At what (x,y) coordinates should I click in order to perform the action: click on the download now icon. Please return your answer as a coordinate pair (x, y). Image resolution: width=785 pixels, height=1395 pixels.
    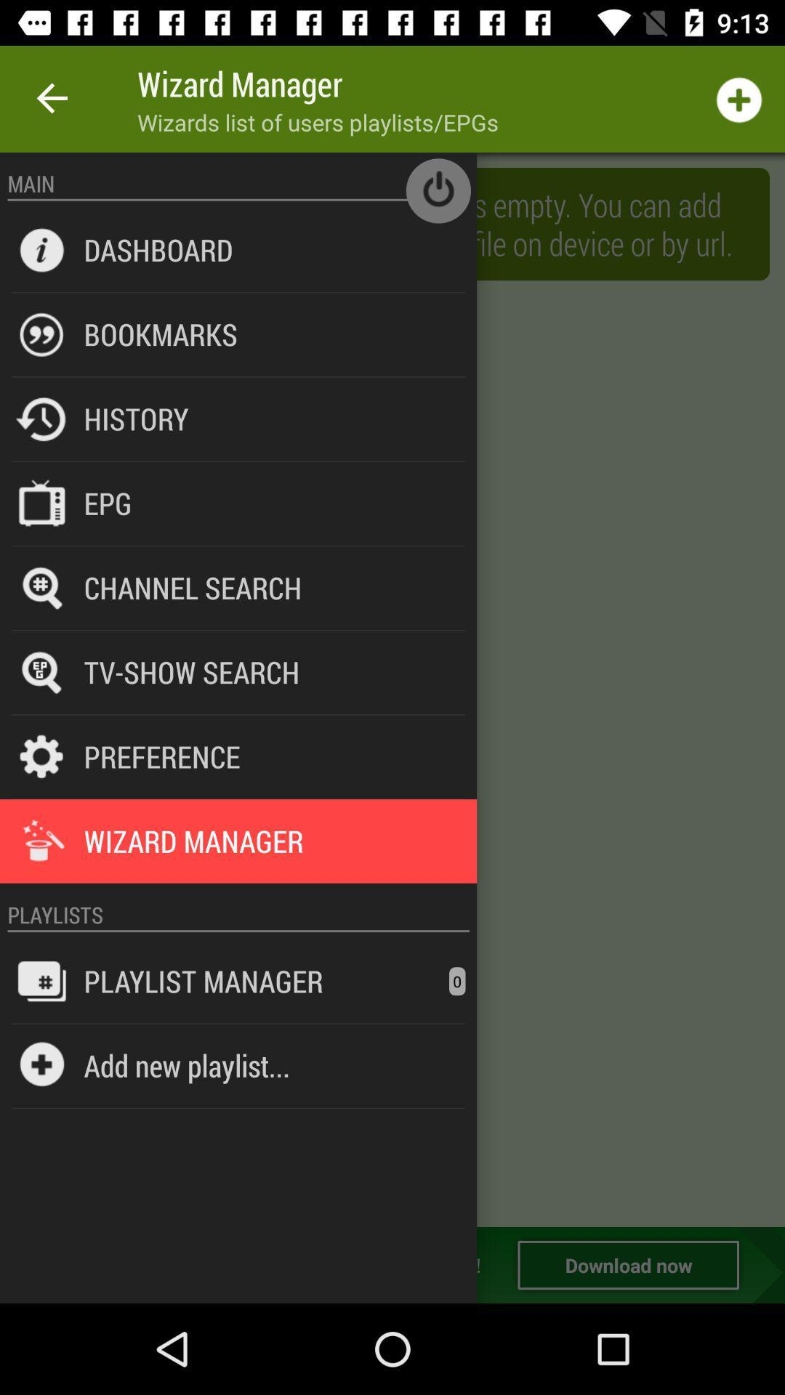
    Looking at the image, I should click on (627, 1264).